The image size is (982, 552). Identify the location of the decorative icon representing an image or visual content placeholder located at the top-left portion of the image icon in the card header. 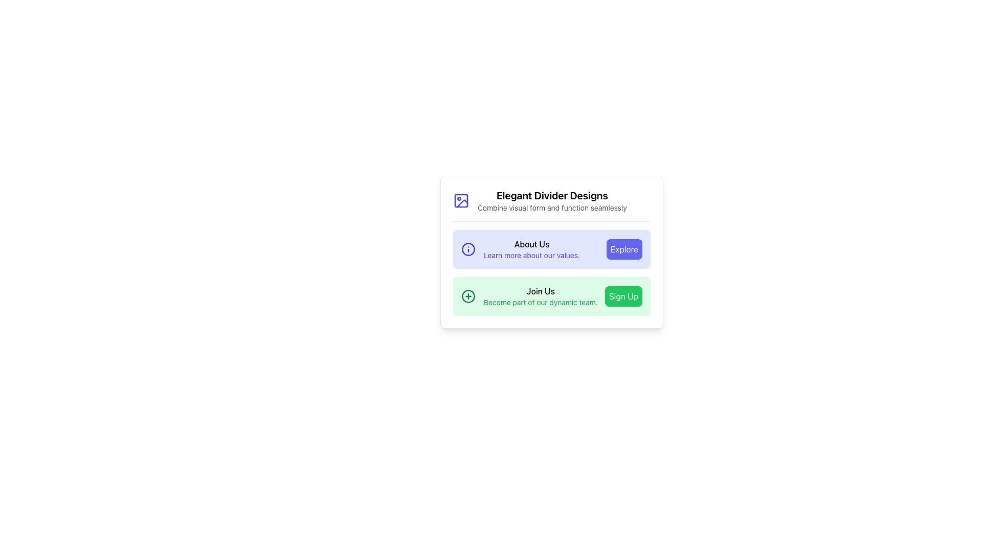
(461, 201).